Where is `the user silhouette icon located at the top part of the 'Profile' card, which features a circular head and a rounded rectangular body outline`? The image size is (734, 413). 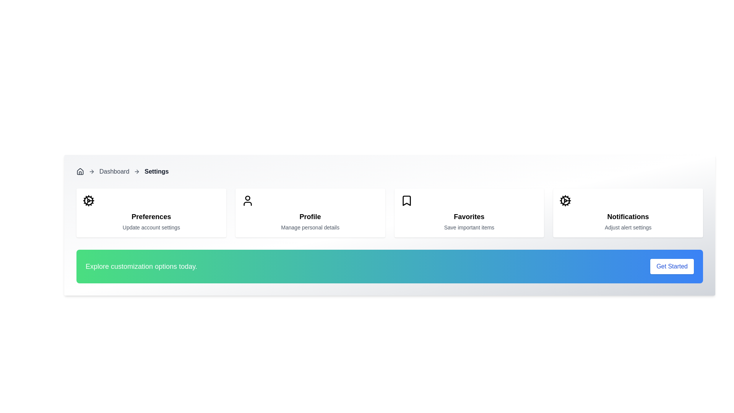 the user silhouette icon located at the top part of the 'Profile' card, which features a circular head and a rounded rectangular body outline is located at coordinates (247, 200).